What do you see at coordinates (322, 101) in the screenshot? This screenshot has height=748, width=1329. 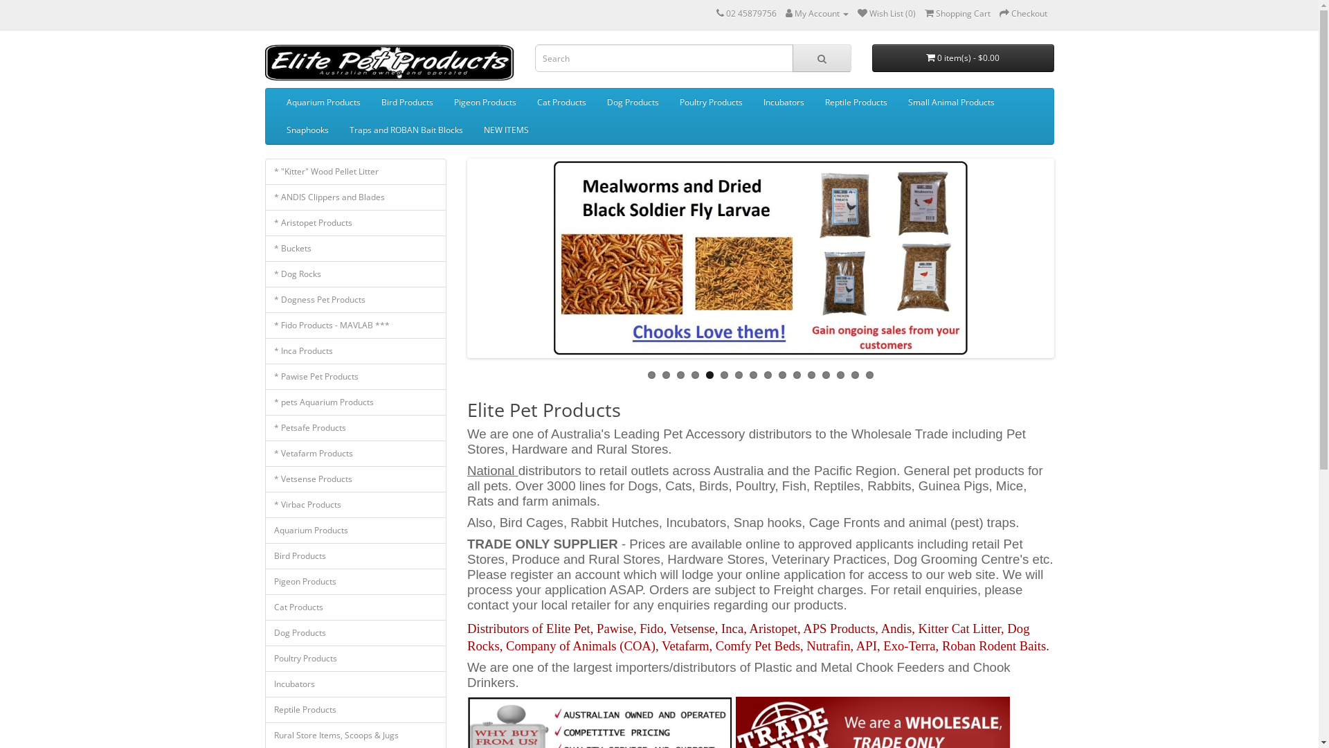 I see `'Aquarium Products'` at bounding box center [322, 101].